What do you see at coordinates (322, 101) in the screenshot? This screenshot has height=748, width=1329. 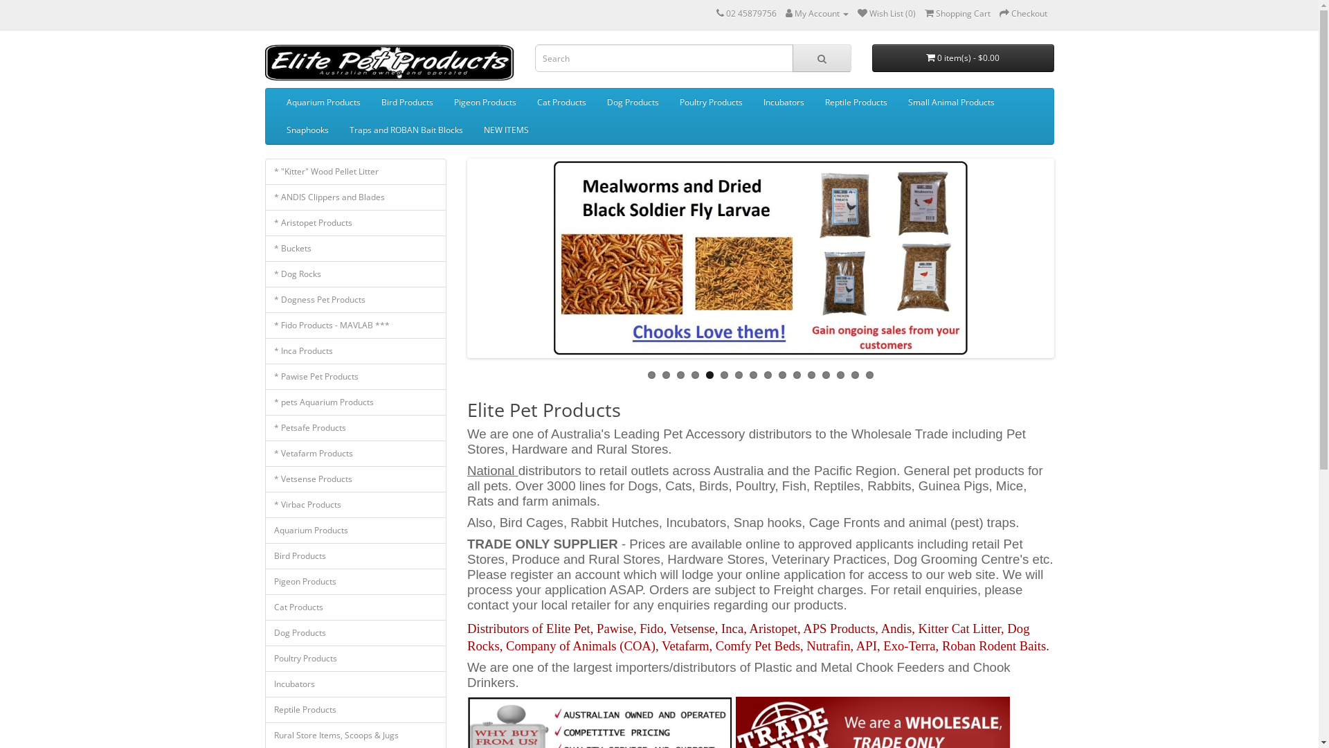 I see `'Aquarium Products'` at bounding box center [322, 101].